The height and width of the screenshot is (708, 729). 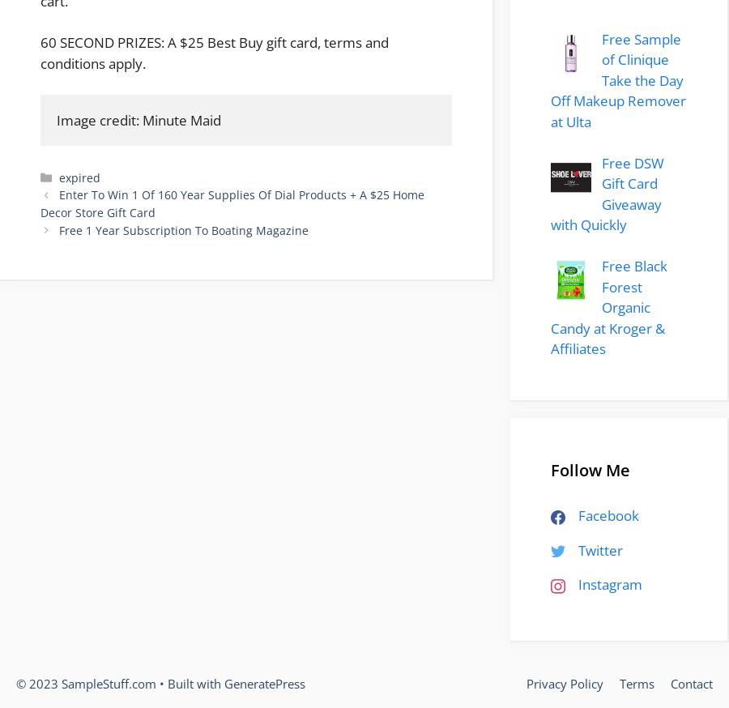 I want to click on 'Follow Me', so click(x=590, y=469).